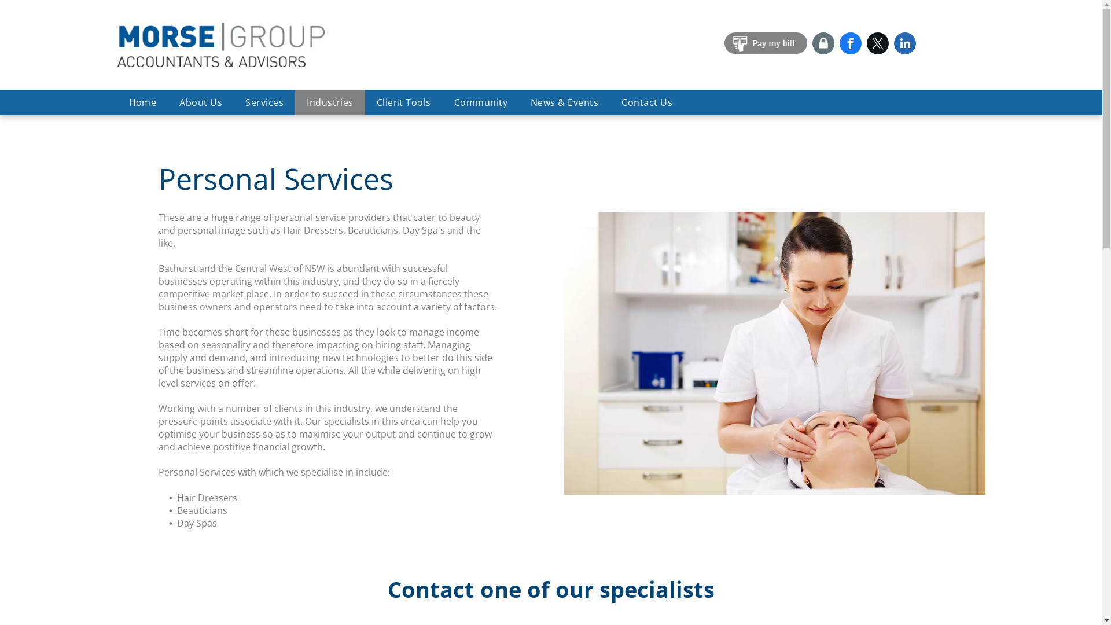  I want to click on 'Contact one of our specialists', so click(550, 589).